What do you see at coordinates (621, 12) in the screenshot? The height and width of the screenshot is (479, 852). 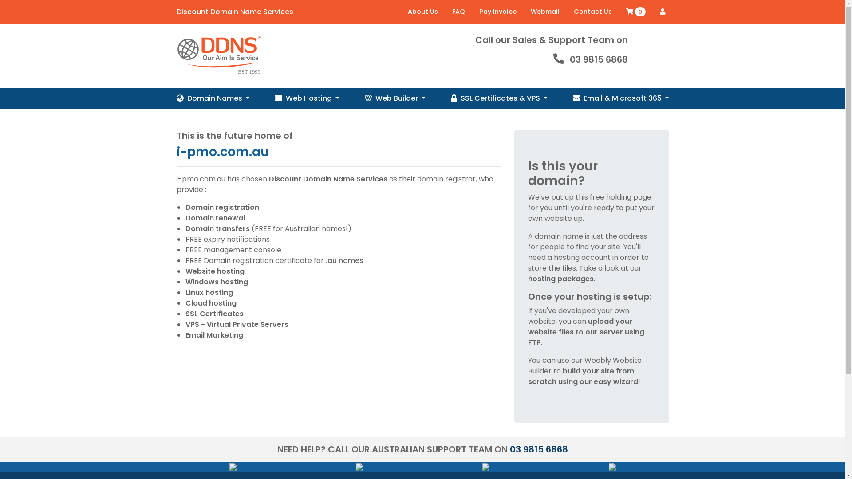 I see `'0'` at bounding box center [621, 12].